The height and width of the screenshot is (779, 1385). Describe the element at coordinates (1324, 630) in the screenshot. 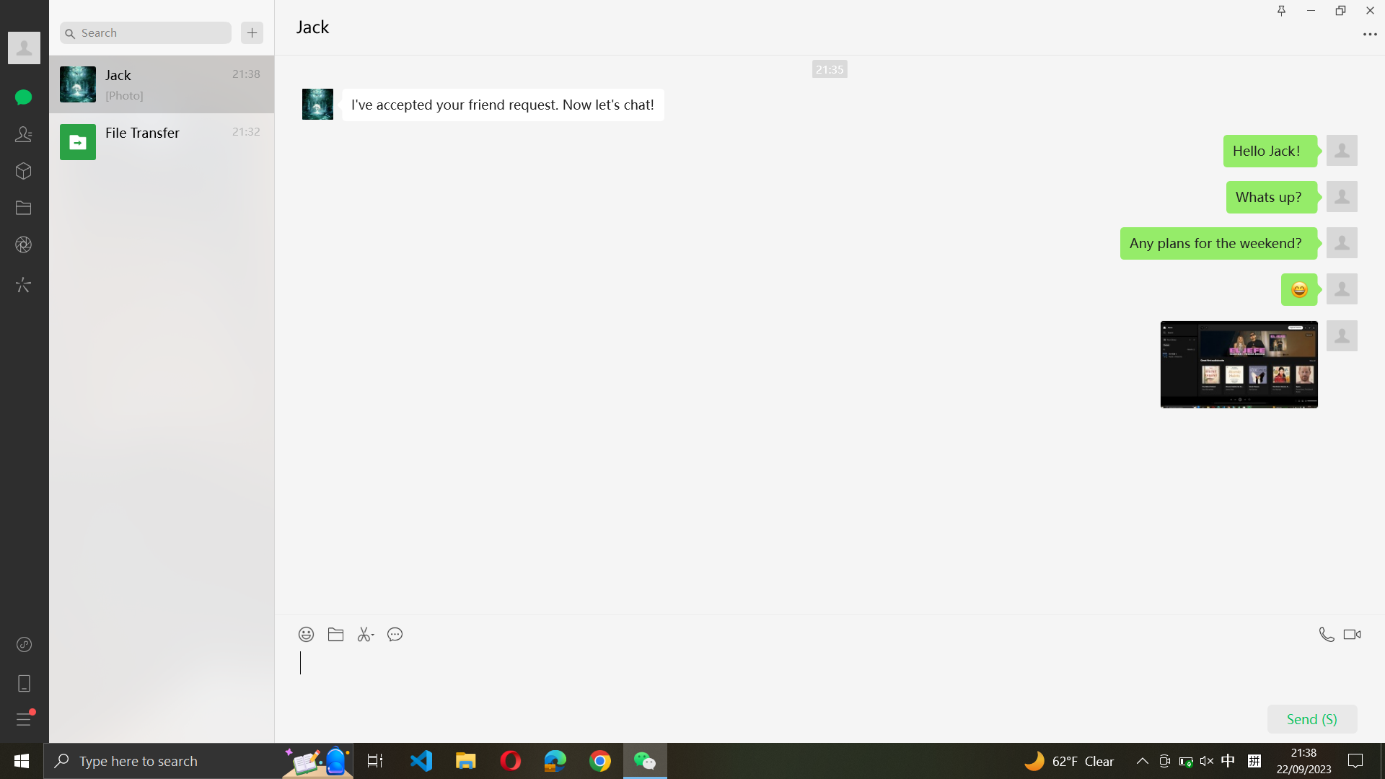

I see `a voice call to Jack` at that location.